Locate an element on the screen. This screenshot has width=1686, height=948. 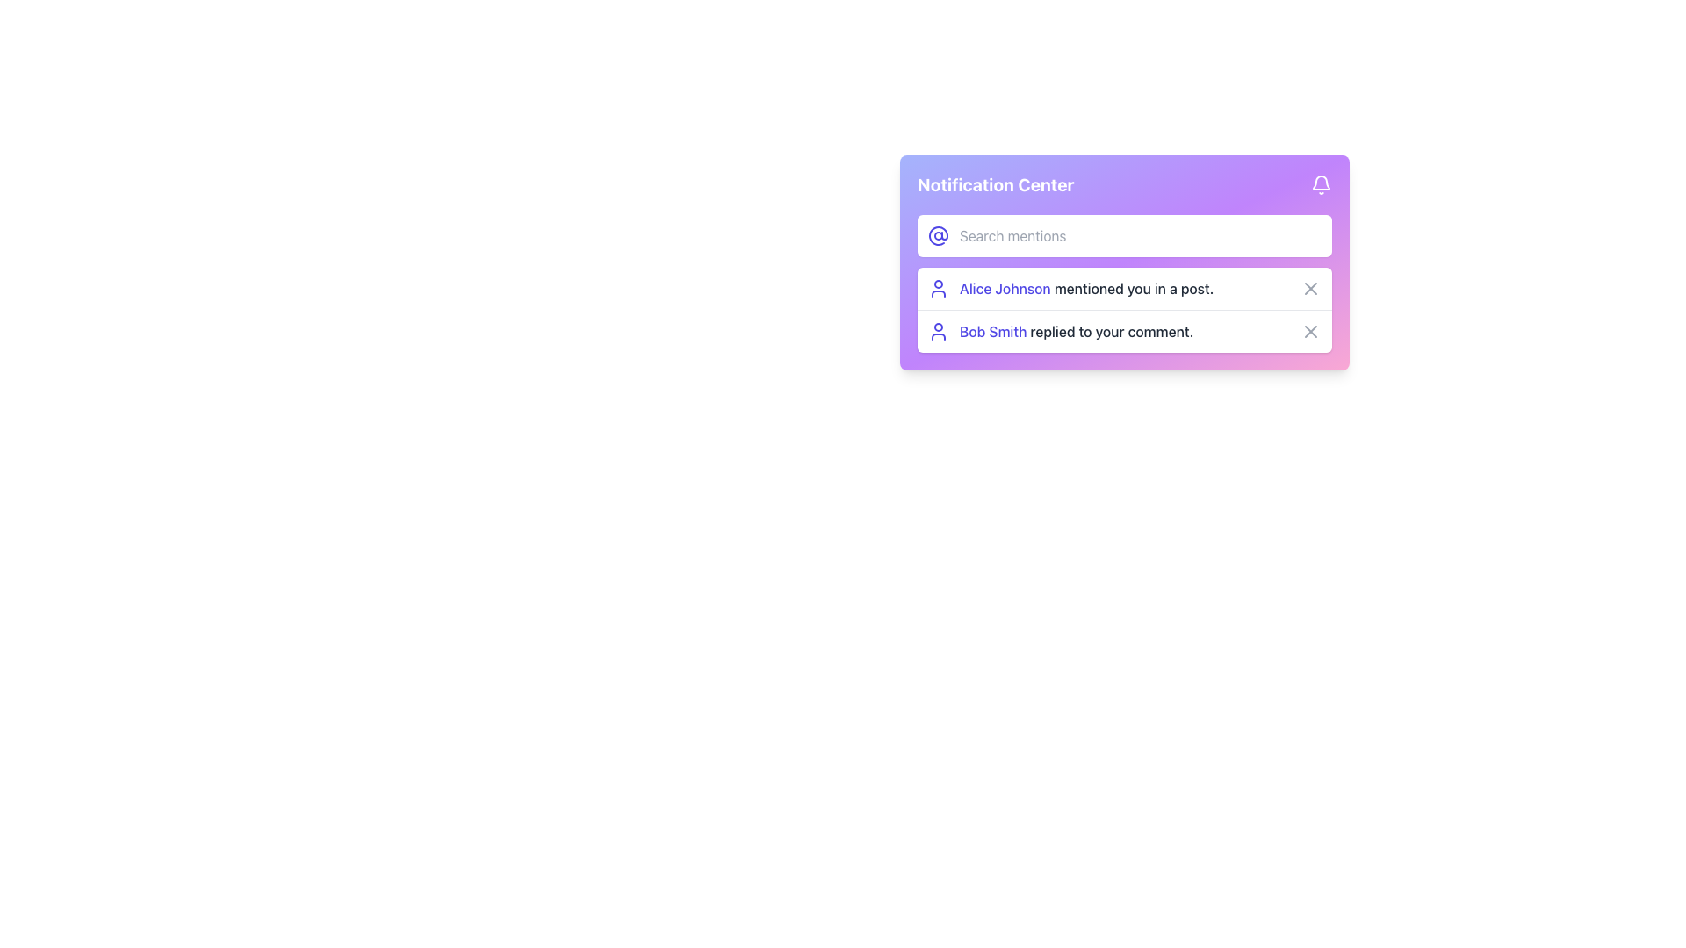
the notification indicator icon, represented by a bell symbol, located in the top-right corner of the notification panel is located at coordinates (1322, 183).